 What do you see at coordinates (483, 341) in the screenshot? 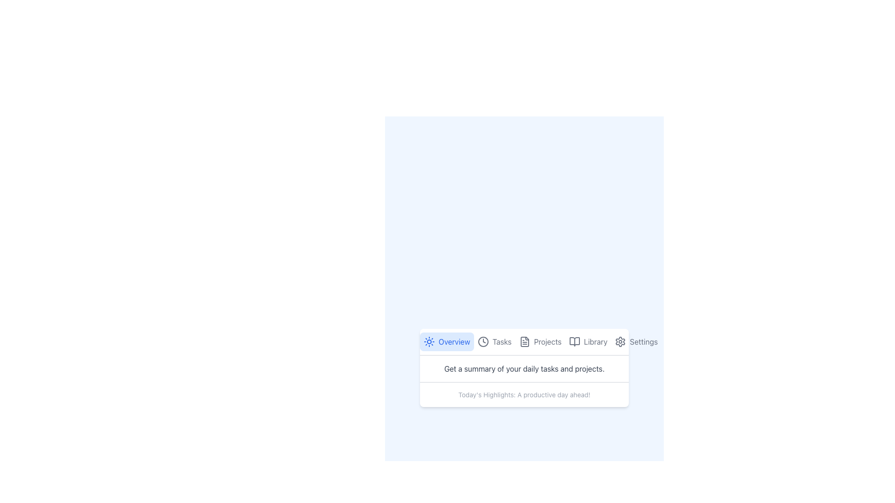
I see `the SVG circle element that serves as a visual marker in the clock icon located in the navigation bar` at bounding box center [483, 341].